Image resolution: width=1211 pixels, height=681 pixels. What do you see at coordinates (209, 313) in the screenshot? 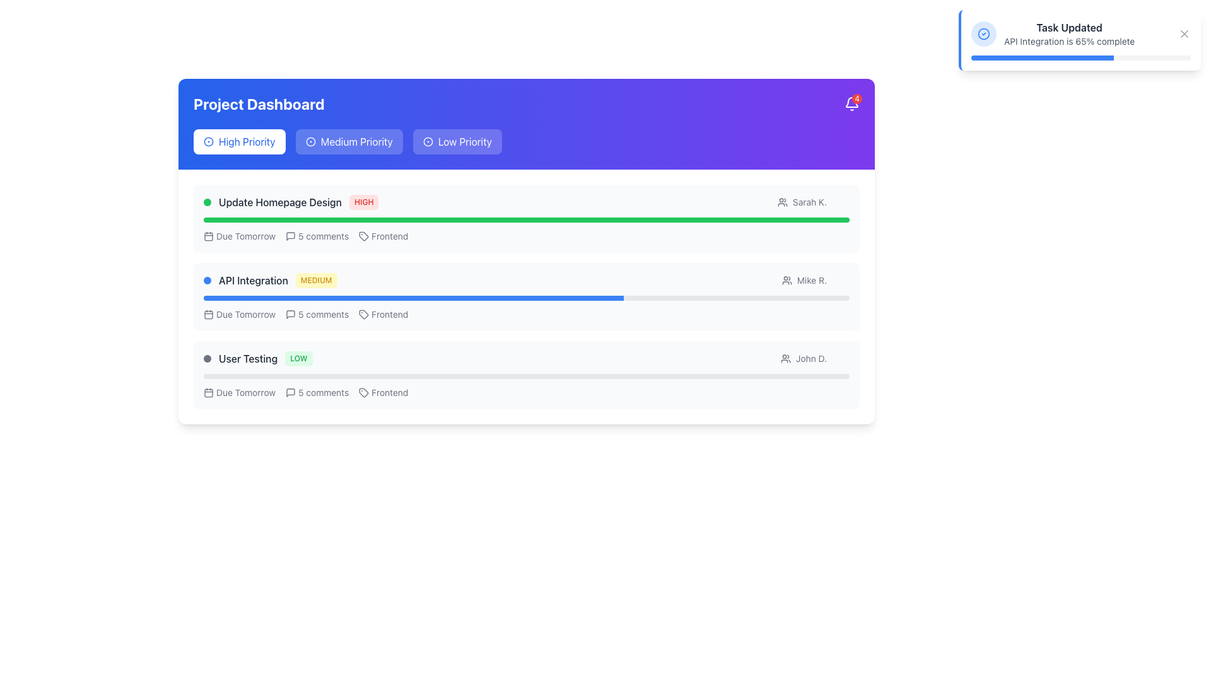
I see `the graphical rectangle with rounded corners that is part of the SVG calendar icon, located near the task summary for 'API Integration' and aligned with the text 'Due Tomorrow'` at bounding box center [209, 313].